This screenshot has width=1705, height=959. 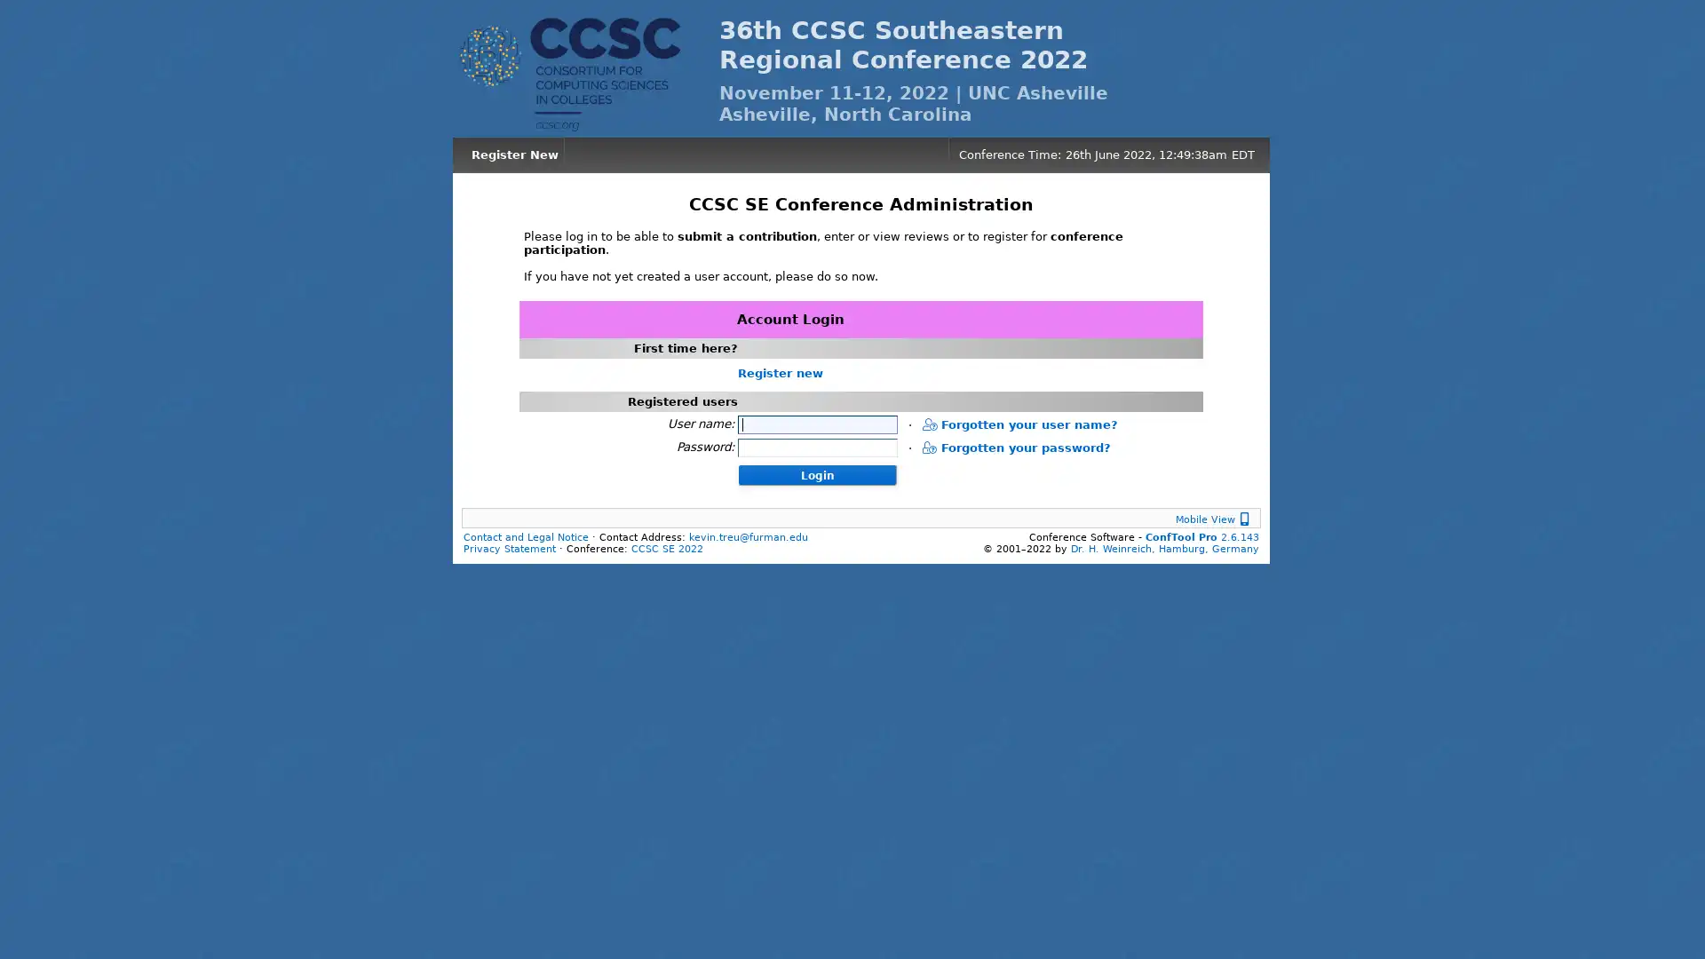 What do you see at coordinates (816, 472) in the screenshot?
I see `Login` at bounding box center [816, 472].